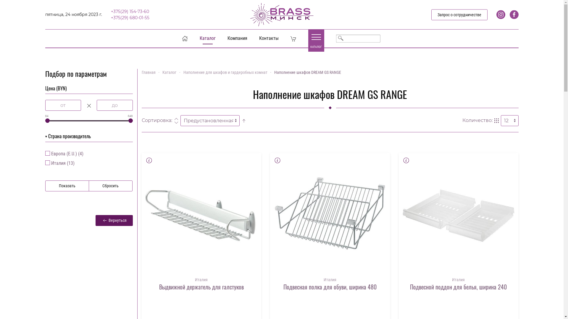 Image resolution: width=568 pixels, height=319 pixels. I want to click on '1', so click(47, 163).